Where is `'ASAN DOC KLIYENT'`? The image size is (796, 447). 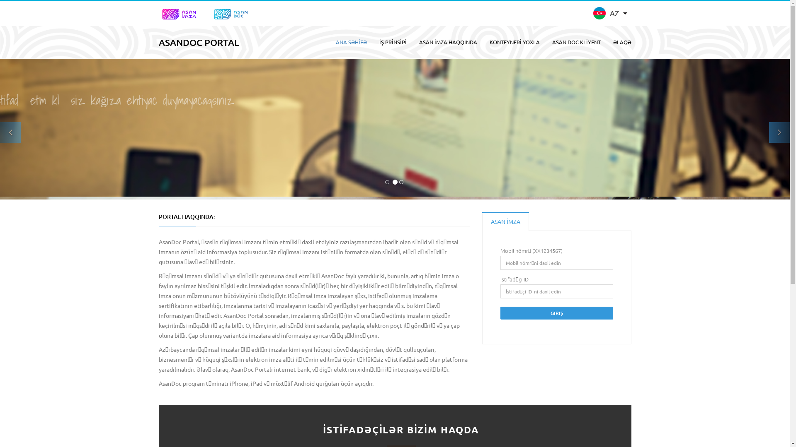 'ASAN DOC KLIYENT' is located at coordinates (575, 42).